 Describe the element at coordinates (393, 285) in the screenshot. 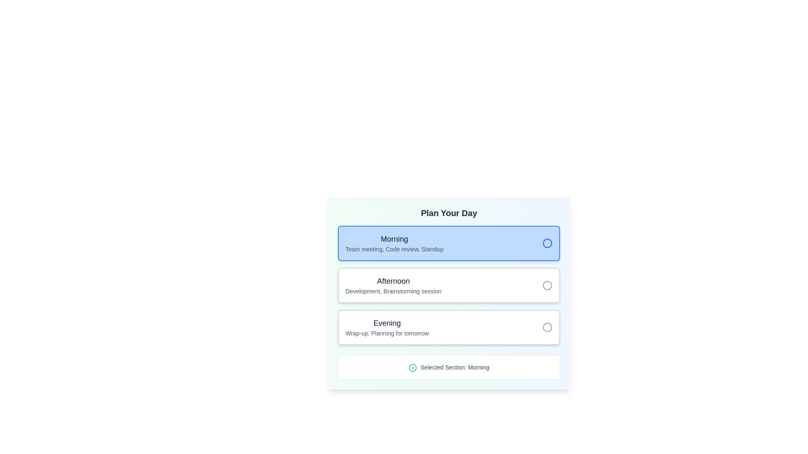

I see `text of the selectable afternoon session option label located in the 'Plan Your Day' card, positioned below the 'Morning' option and above the 'Evening' option` at that location.